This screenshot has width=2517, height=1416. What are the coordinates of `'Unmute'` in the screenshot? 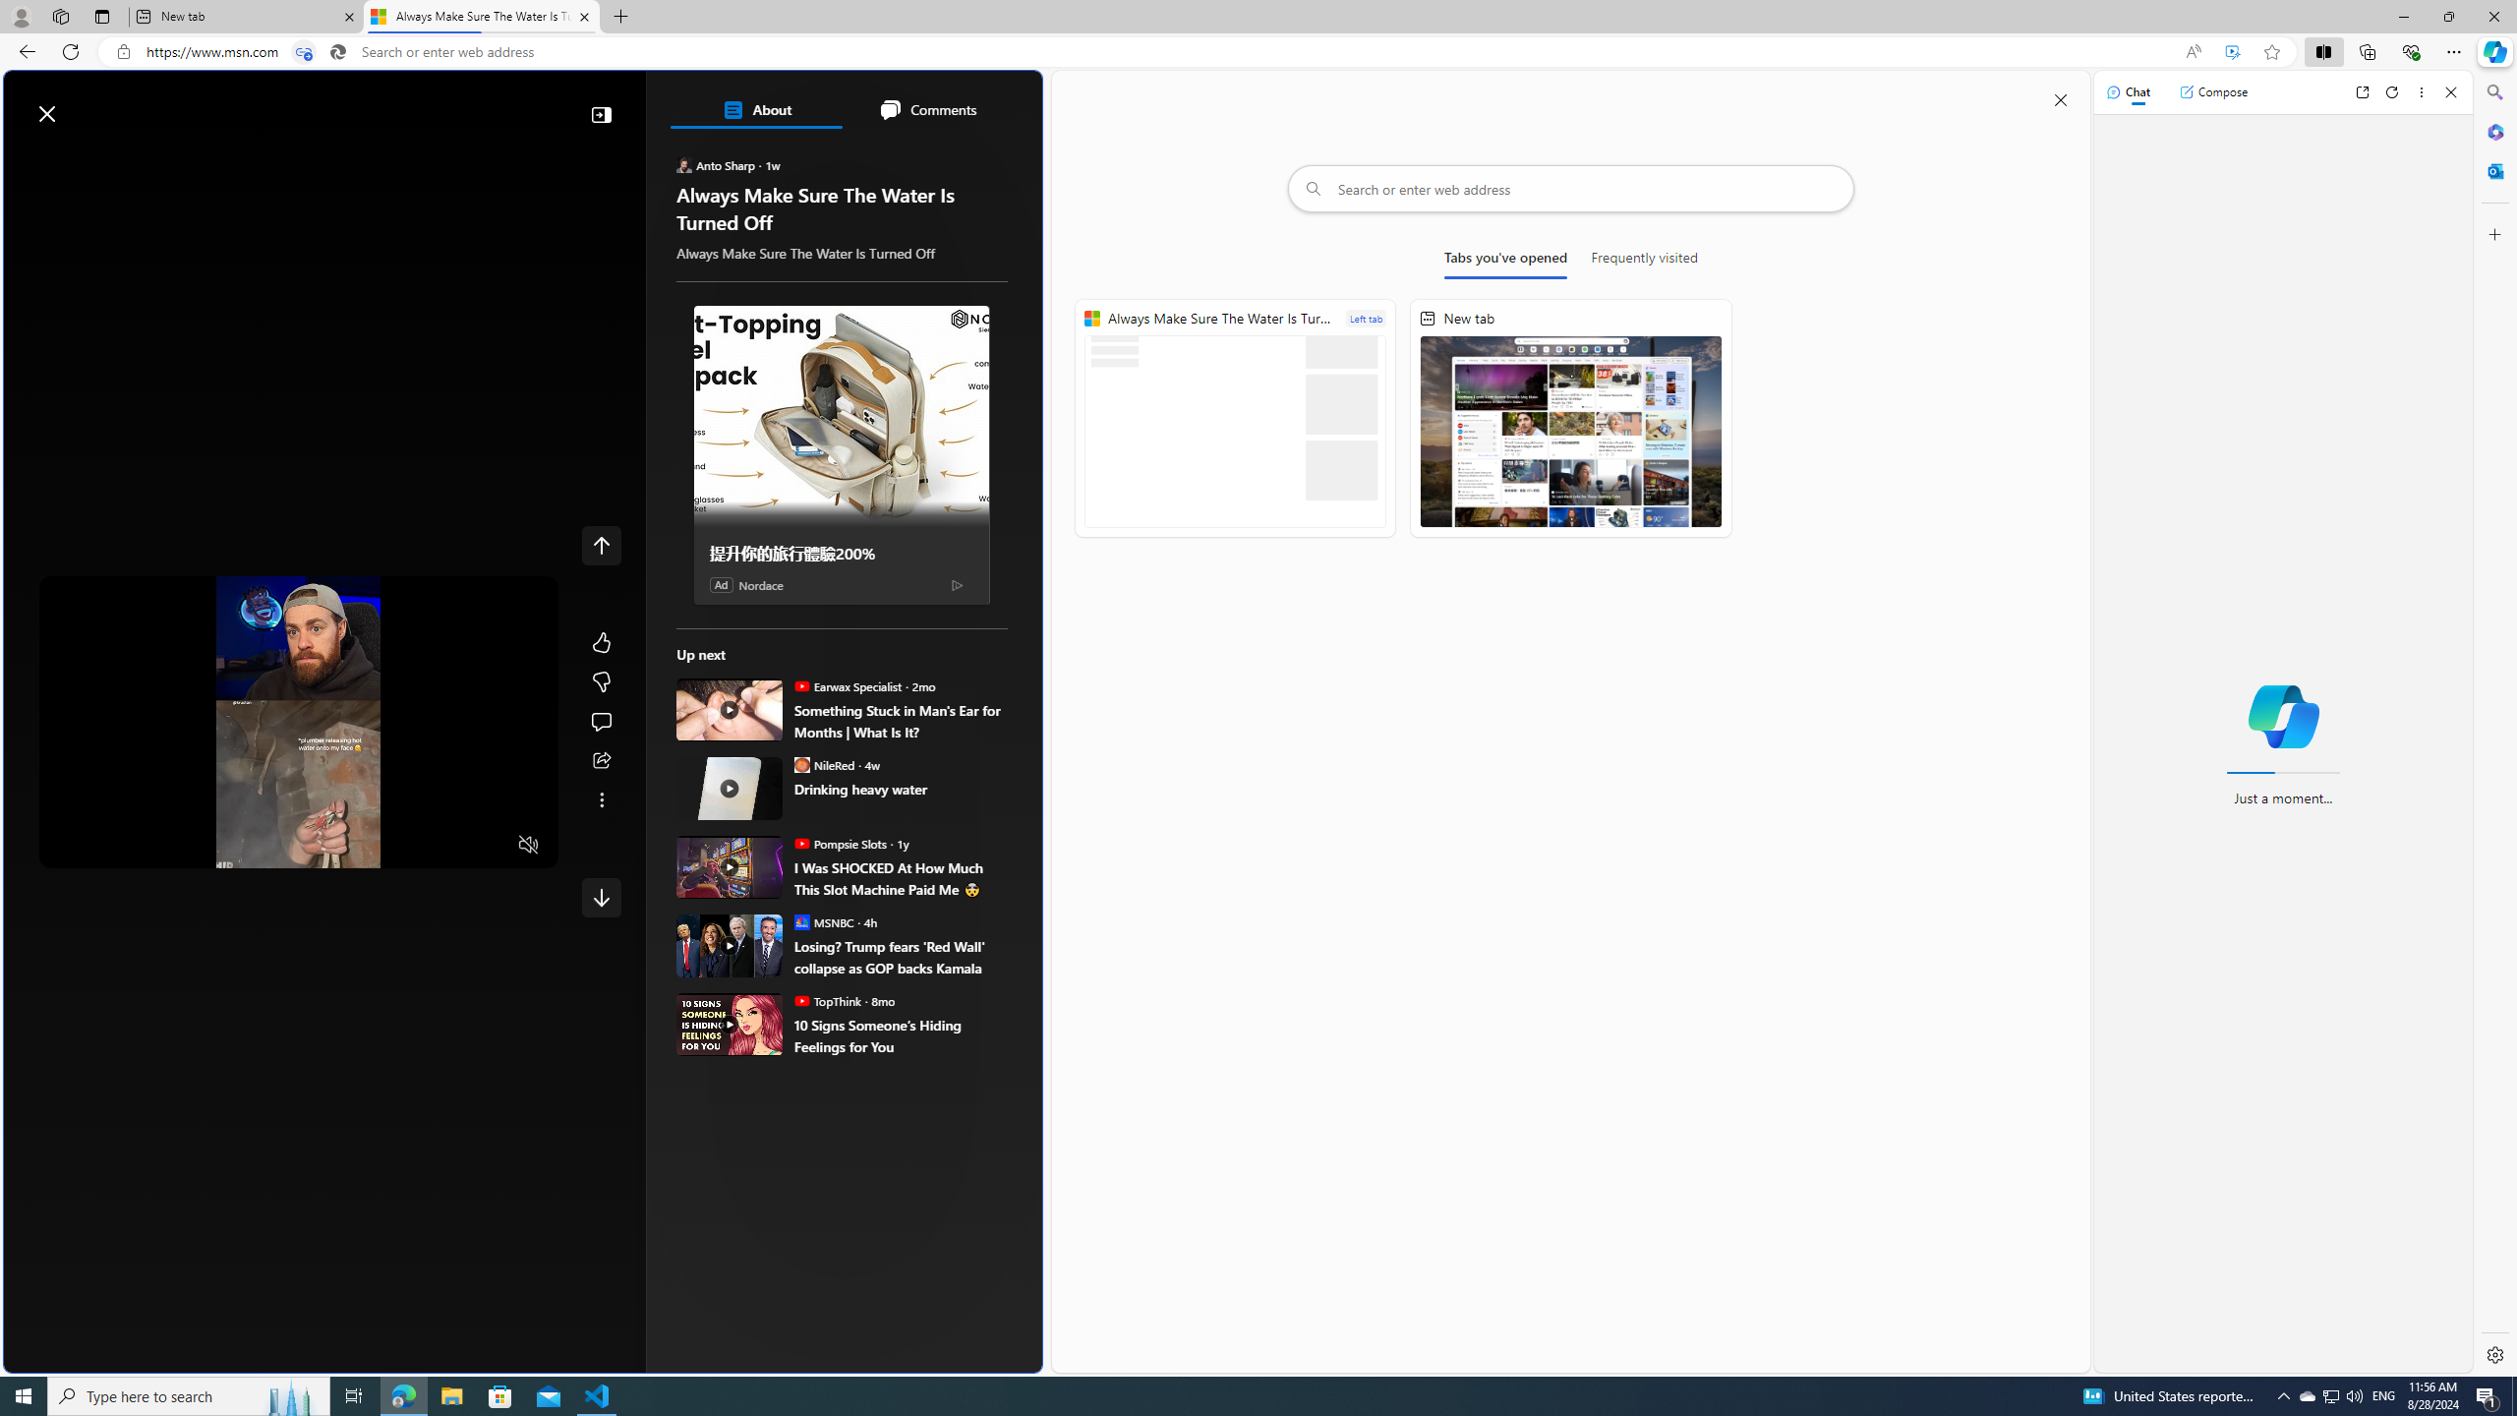 It's located at (528, 843).